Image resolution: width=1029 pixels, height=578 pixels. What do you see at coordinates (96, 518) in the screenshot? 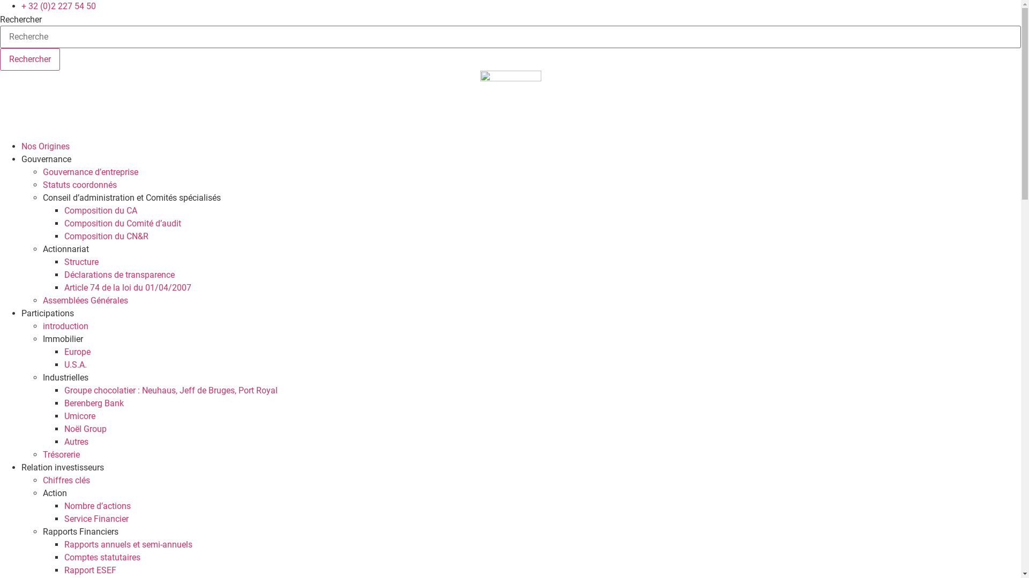
I see `'Service Financier'` at bounding box center [96, 518].